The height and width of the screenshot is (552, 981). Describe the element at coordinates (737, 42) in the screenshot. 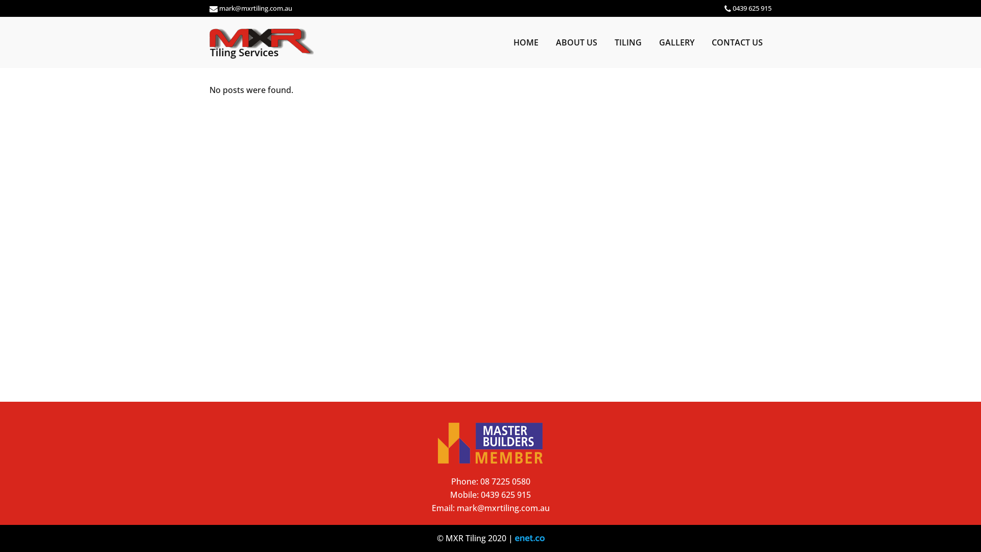

I see `'CONTACT US'` at that location.